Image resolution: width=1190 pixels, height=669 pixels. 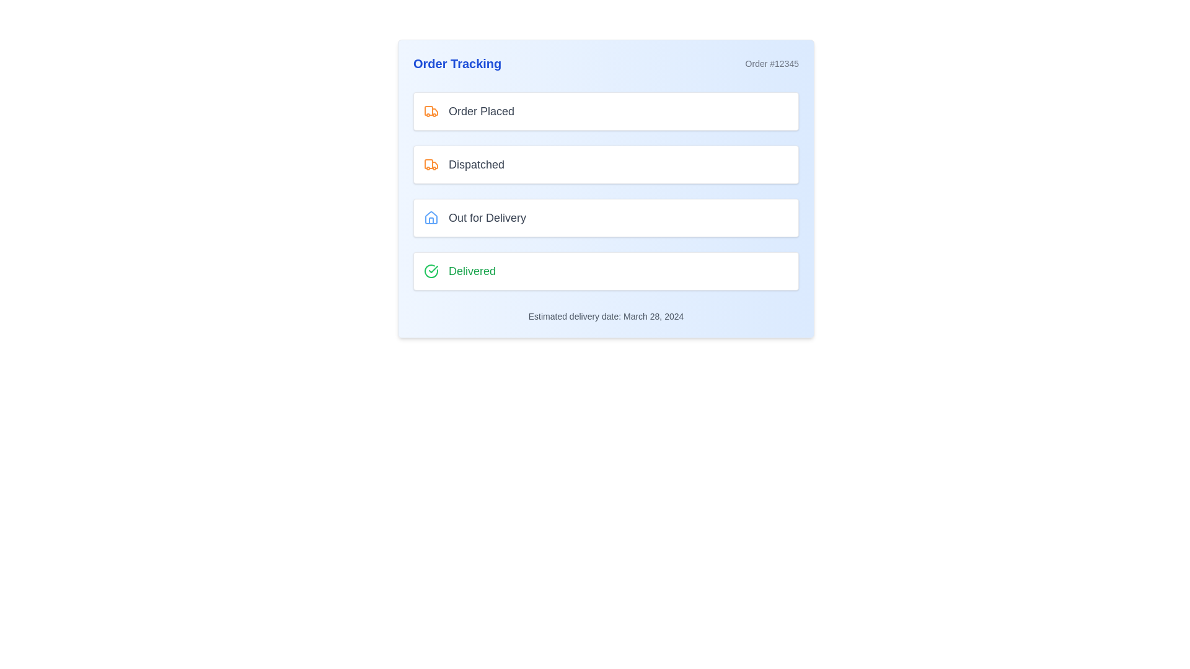 I want to click on the house icon with a blue outline located to the right of the text 'Out for Delivery.', so click(x=431, y=217).